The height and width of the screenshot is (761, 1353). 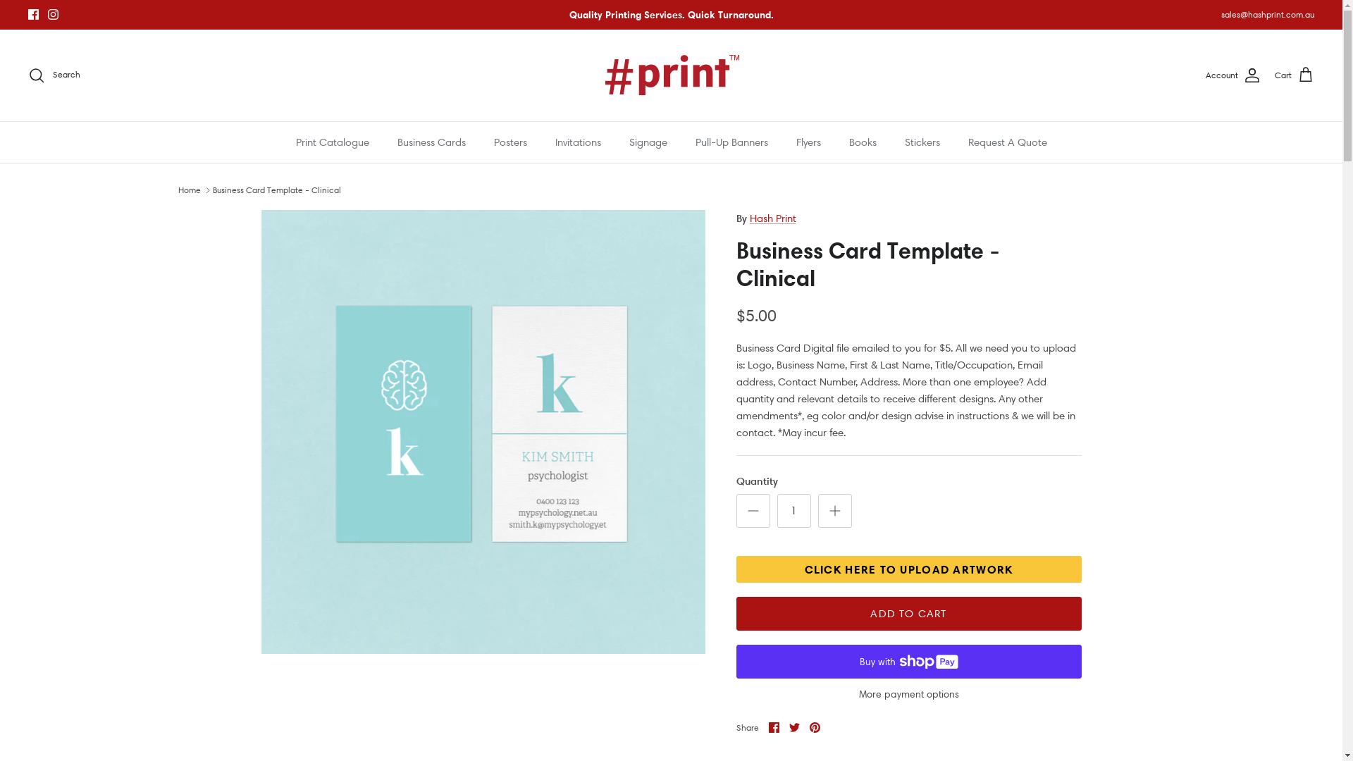 What do you see at coordinates (794, 727) in the screenshot?
I see `'Twitter` at bounding box center [794, 727].